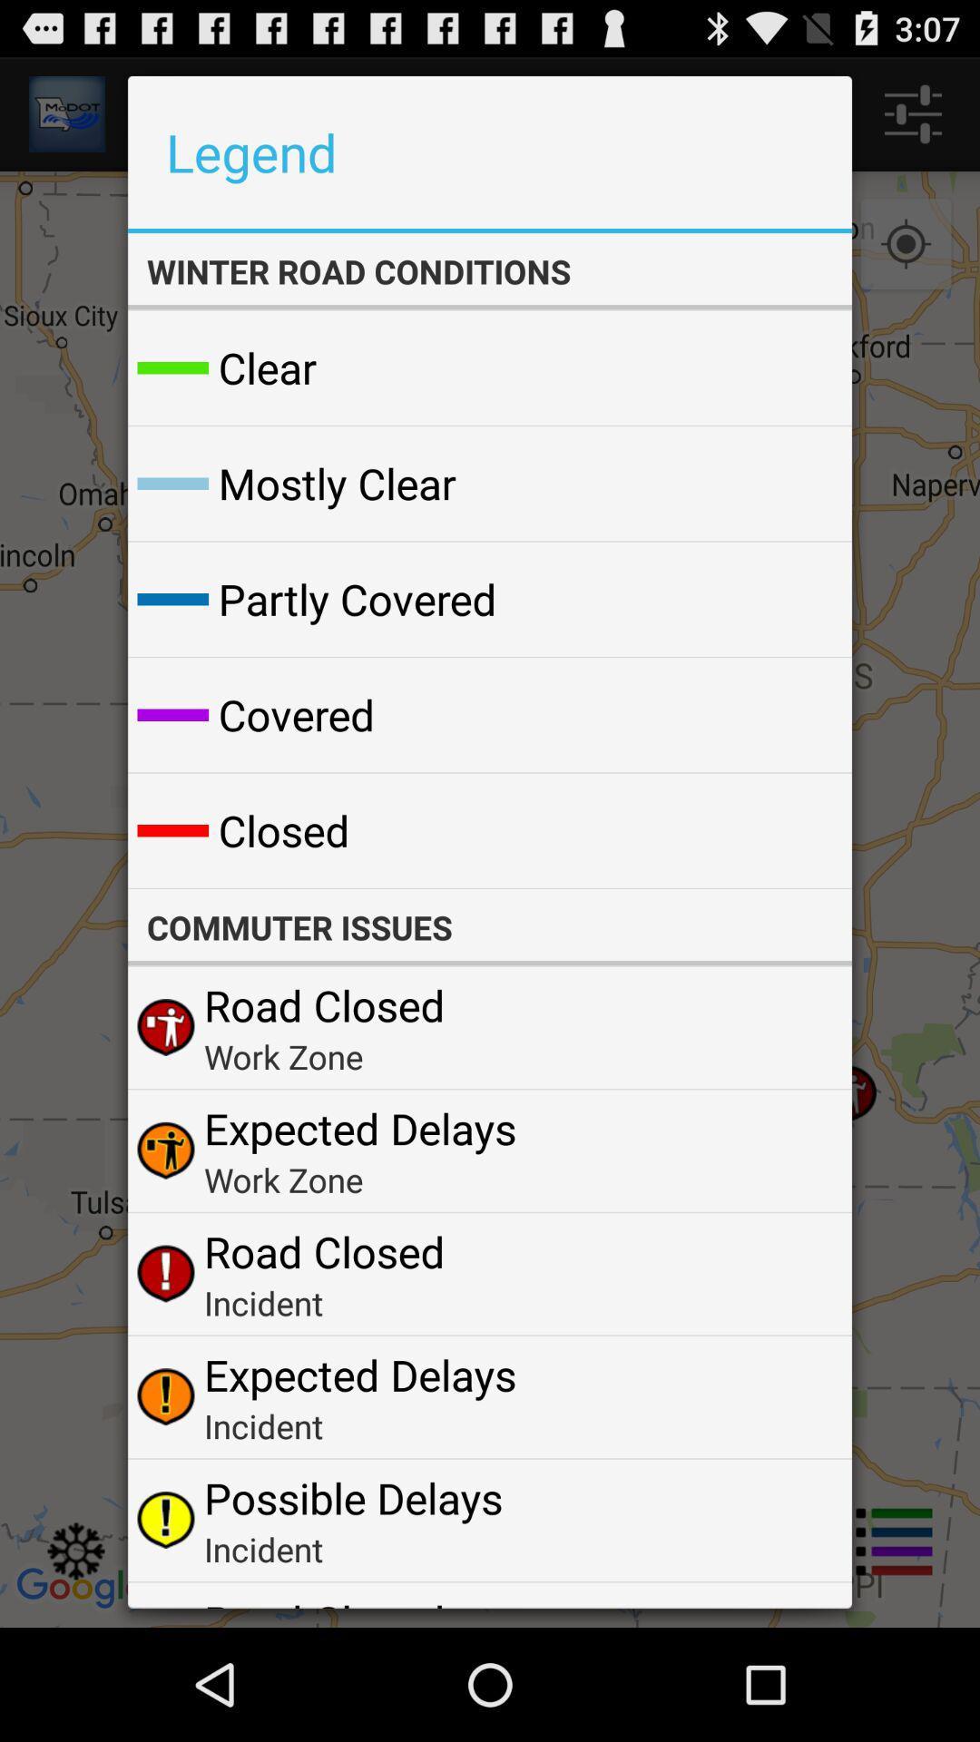 This screenshot has height=1742, width=980. Describe the element at coordinates (793, 367) in the screenshot. I see `the item next to the clear app` at that location.